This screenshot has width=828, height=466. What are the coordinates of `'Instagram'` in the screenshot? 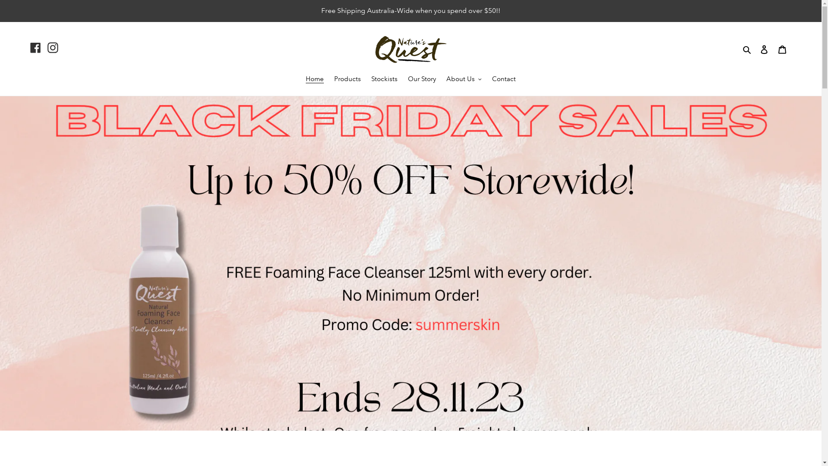 It's located at (52, 47).